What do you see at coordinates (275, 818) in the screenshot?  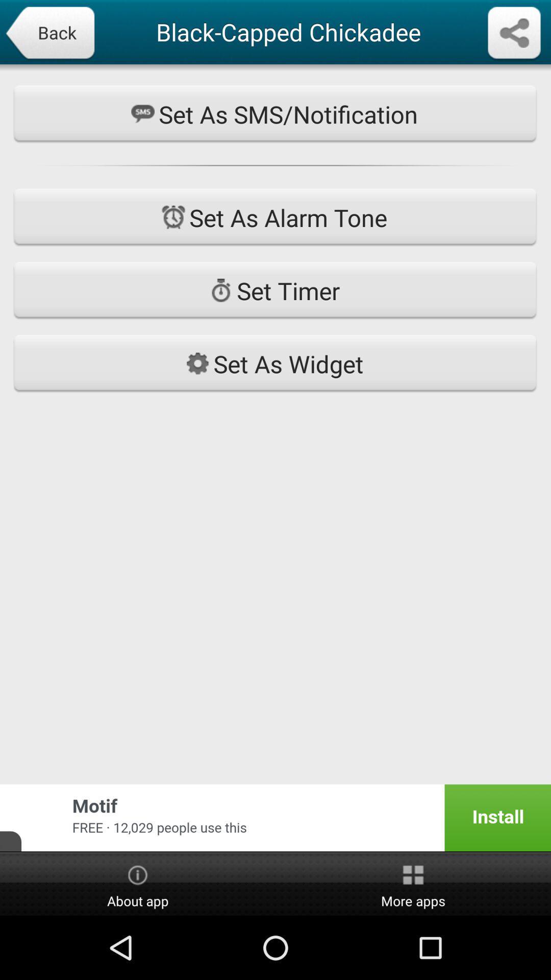 I see `the app below set as widget app` at bounding box center [275, 818].